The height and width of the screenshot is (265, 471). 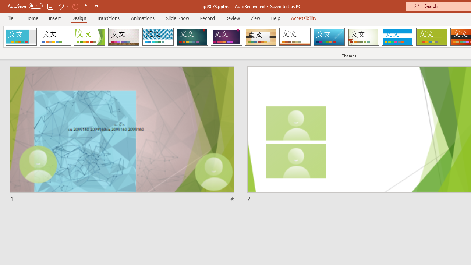 What do you see at coordinates (89, 37) in the screenshot?
I see `'Facet'` at bounding box center [89, 37].